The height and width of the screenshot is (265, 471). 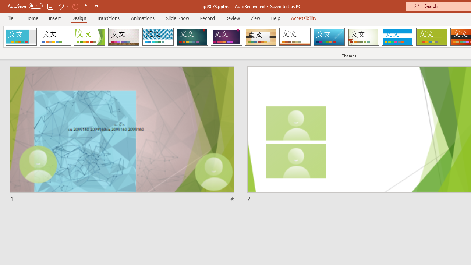 What do you see at coordinates (89, 37) in the screenshot?
I see `'Facet'` at bounding box center [89, 37].